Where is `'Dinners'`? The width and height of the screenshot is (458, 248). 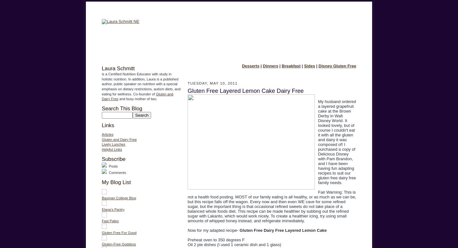 'Dinners' is located at coordinates (270, 66).